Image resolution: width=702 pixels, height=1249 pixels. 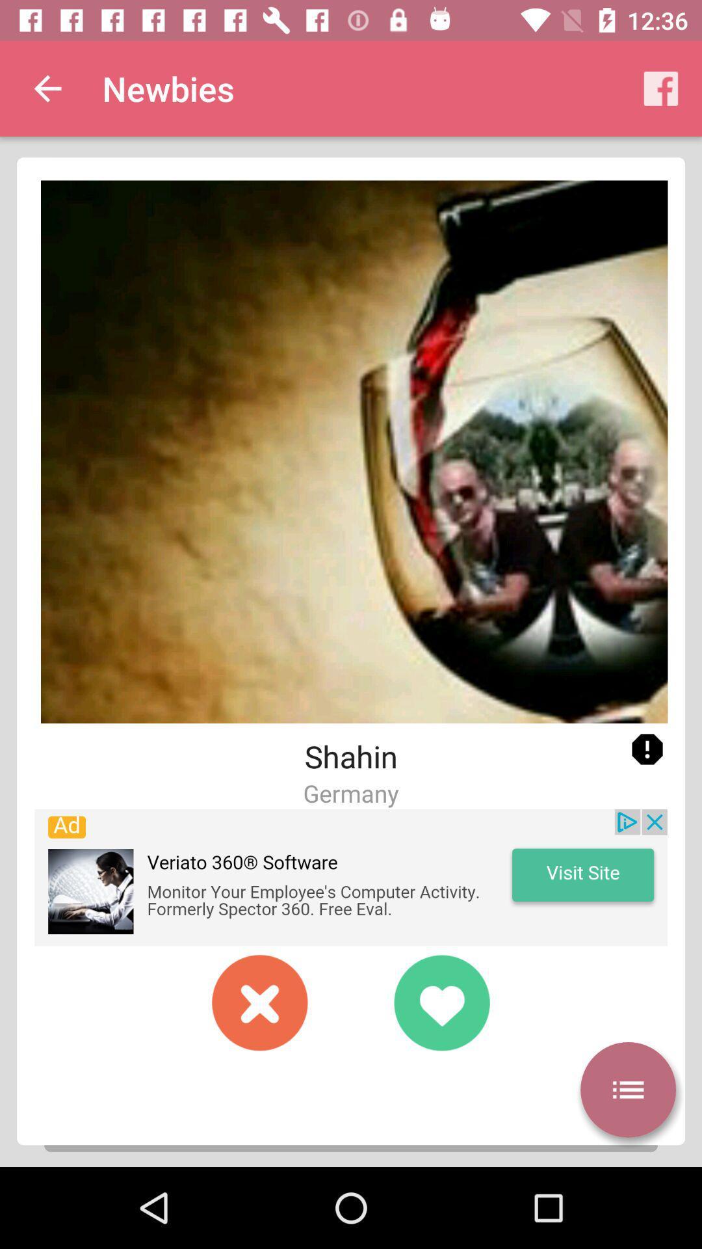 I want to click on the close icon, so click(x=260, y=1002).